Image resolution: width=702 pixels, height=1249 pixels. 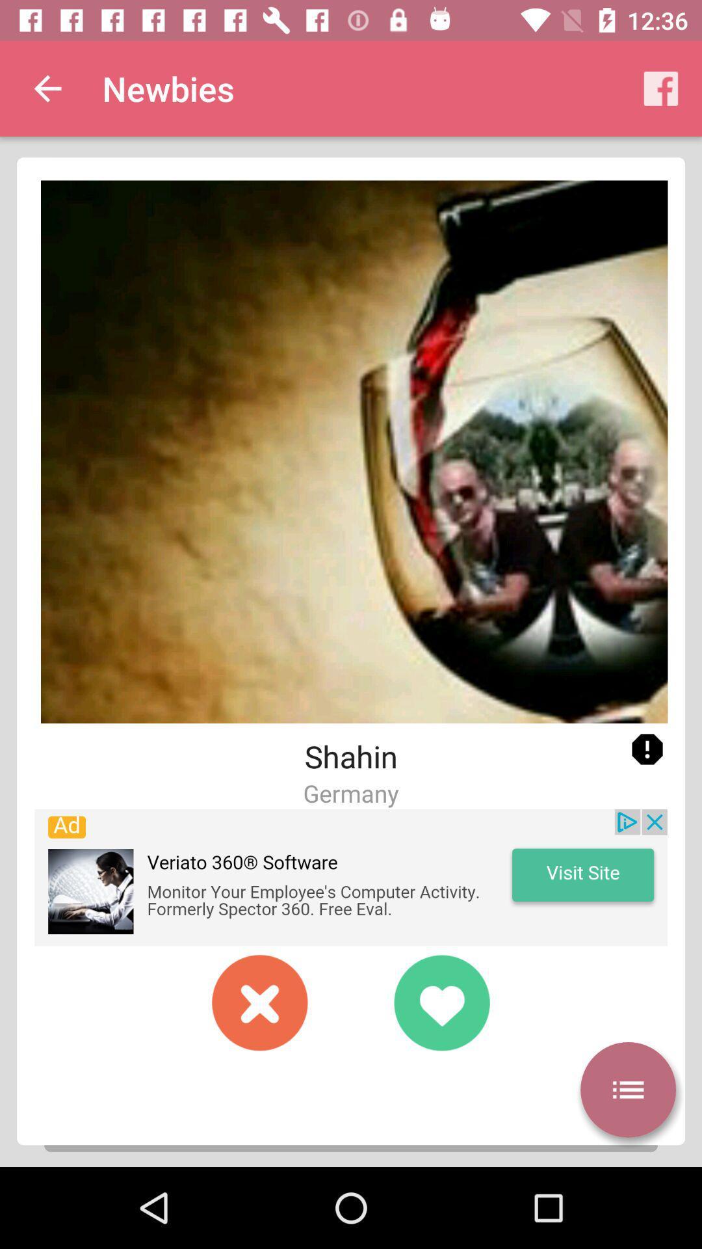 I want to click on the close icon, so click(x=260, y=1002).